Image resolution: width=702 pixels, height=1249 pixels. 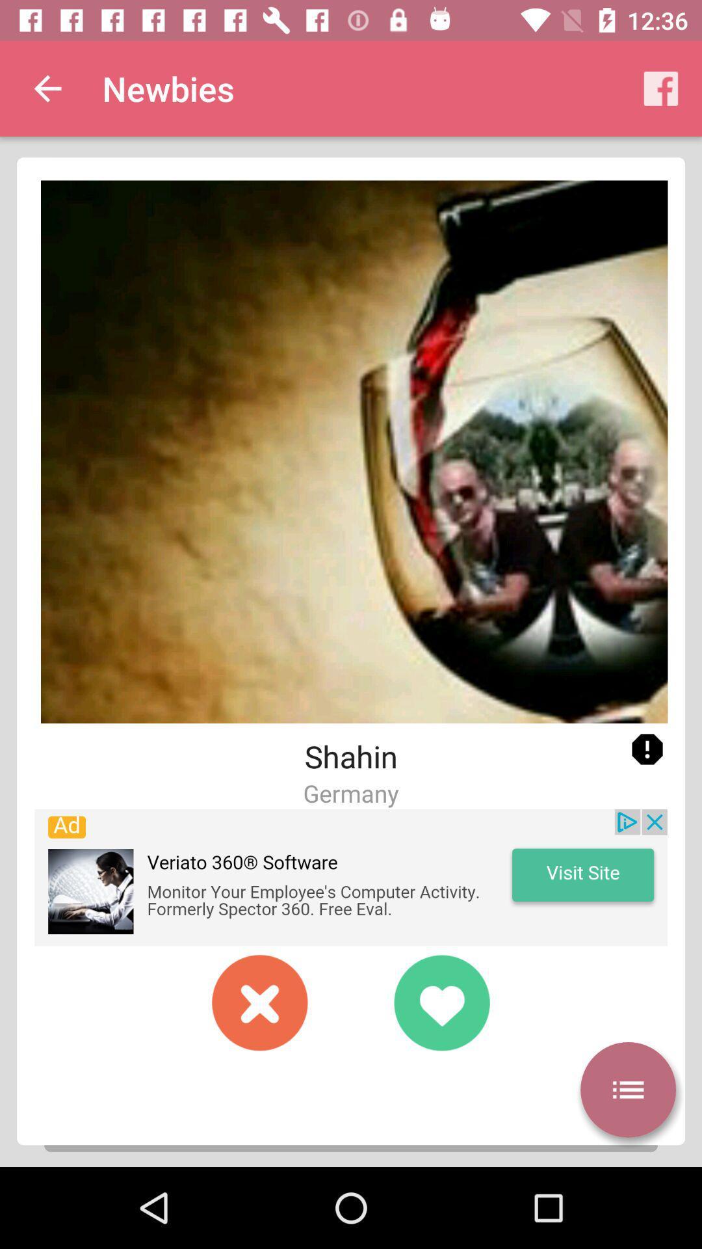 I want to click on the close icon, so click(x=260, y=1002).